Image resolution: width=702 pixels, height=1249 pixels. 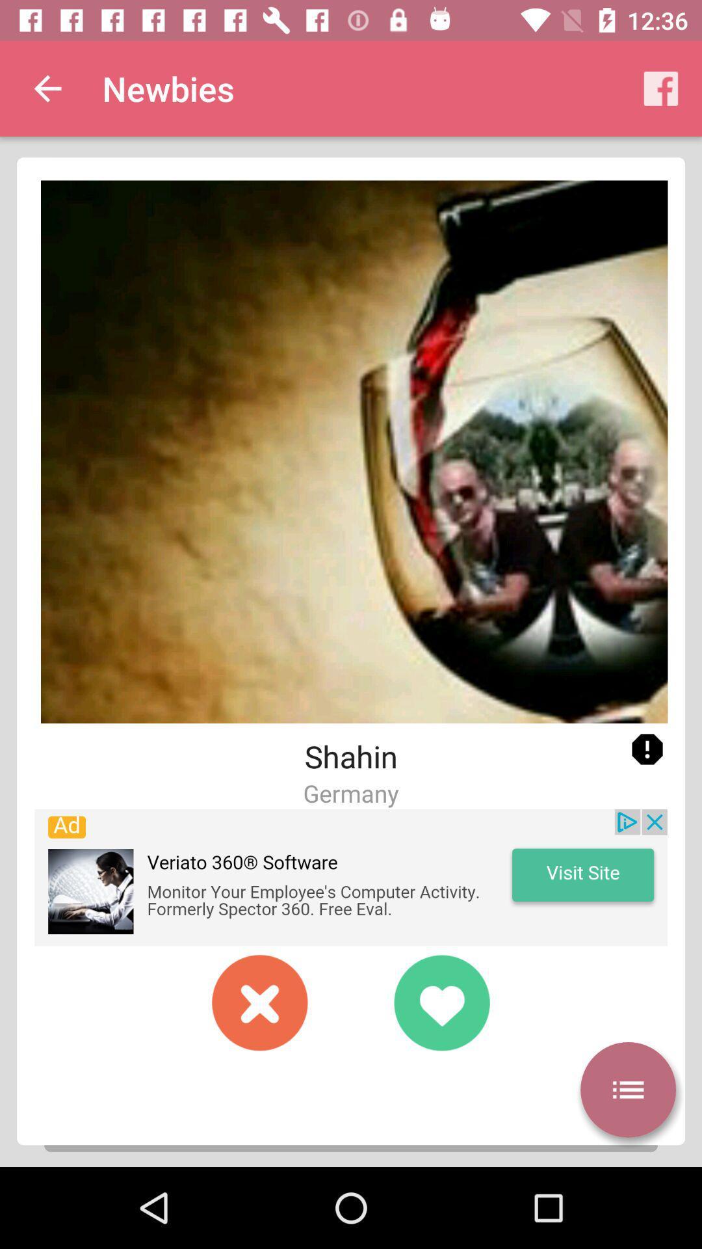 I want to click on the close icon, so click(x=260, y=1002).